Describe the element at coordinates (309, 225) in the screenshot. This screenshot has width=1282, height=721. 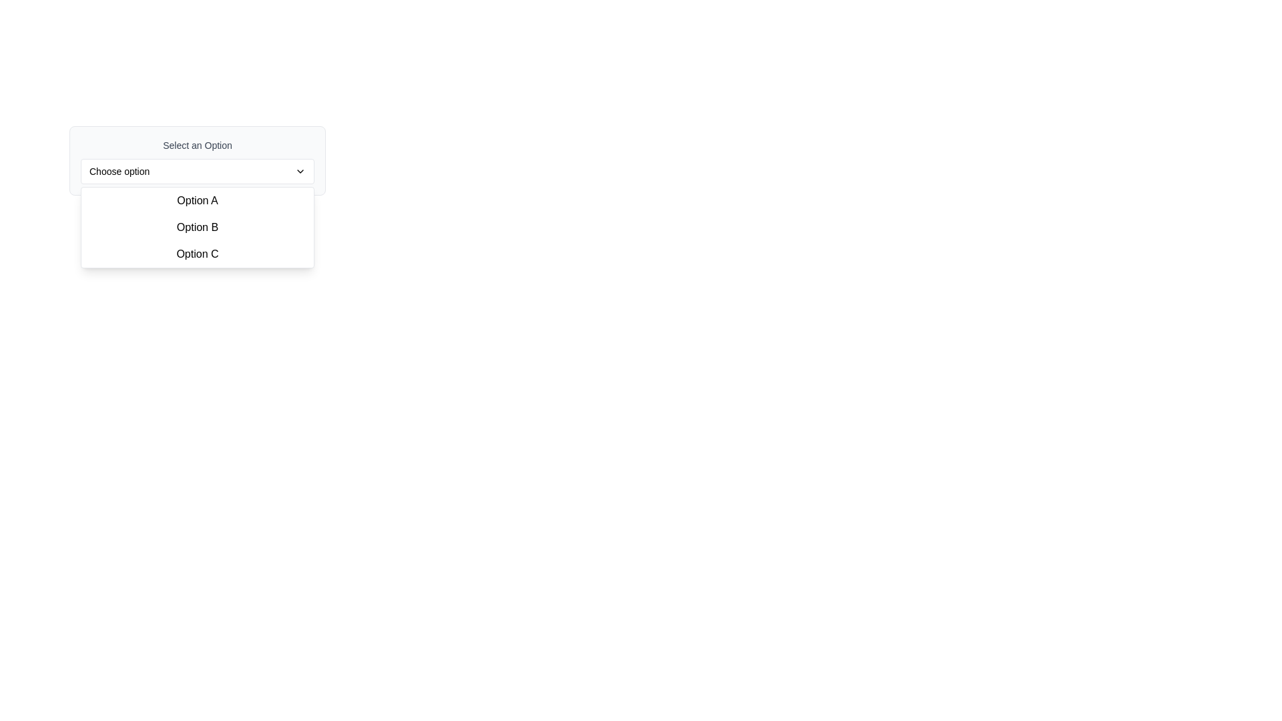
I see `the Dropdown menu located below the 'Select an Option' title` at that location.